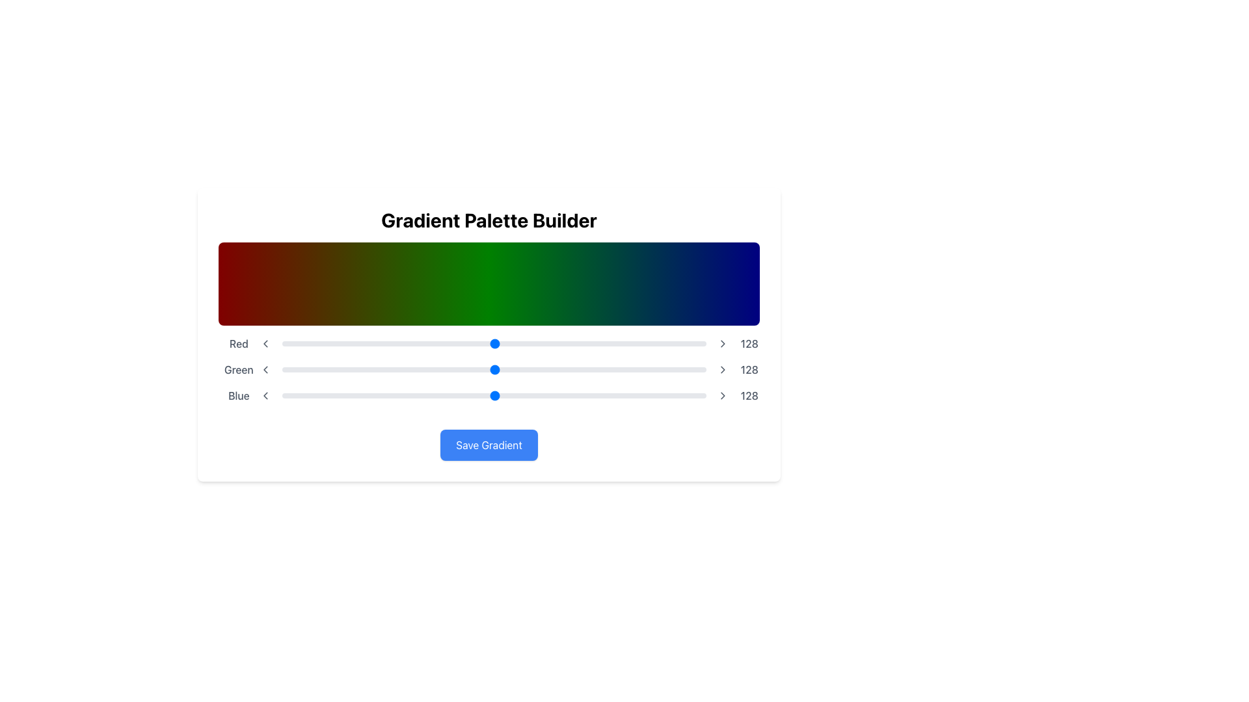  What do you see at coordinates (489, 395) in the screenshot?
I see `the third color adjustment range slider which adjusts the intensity of the blue color component` at bounding box center [489, 395].